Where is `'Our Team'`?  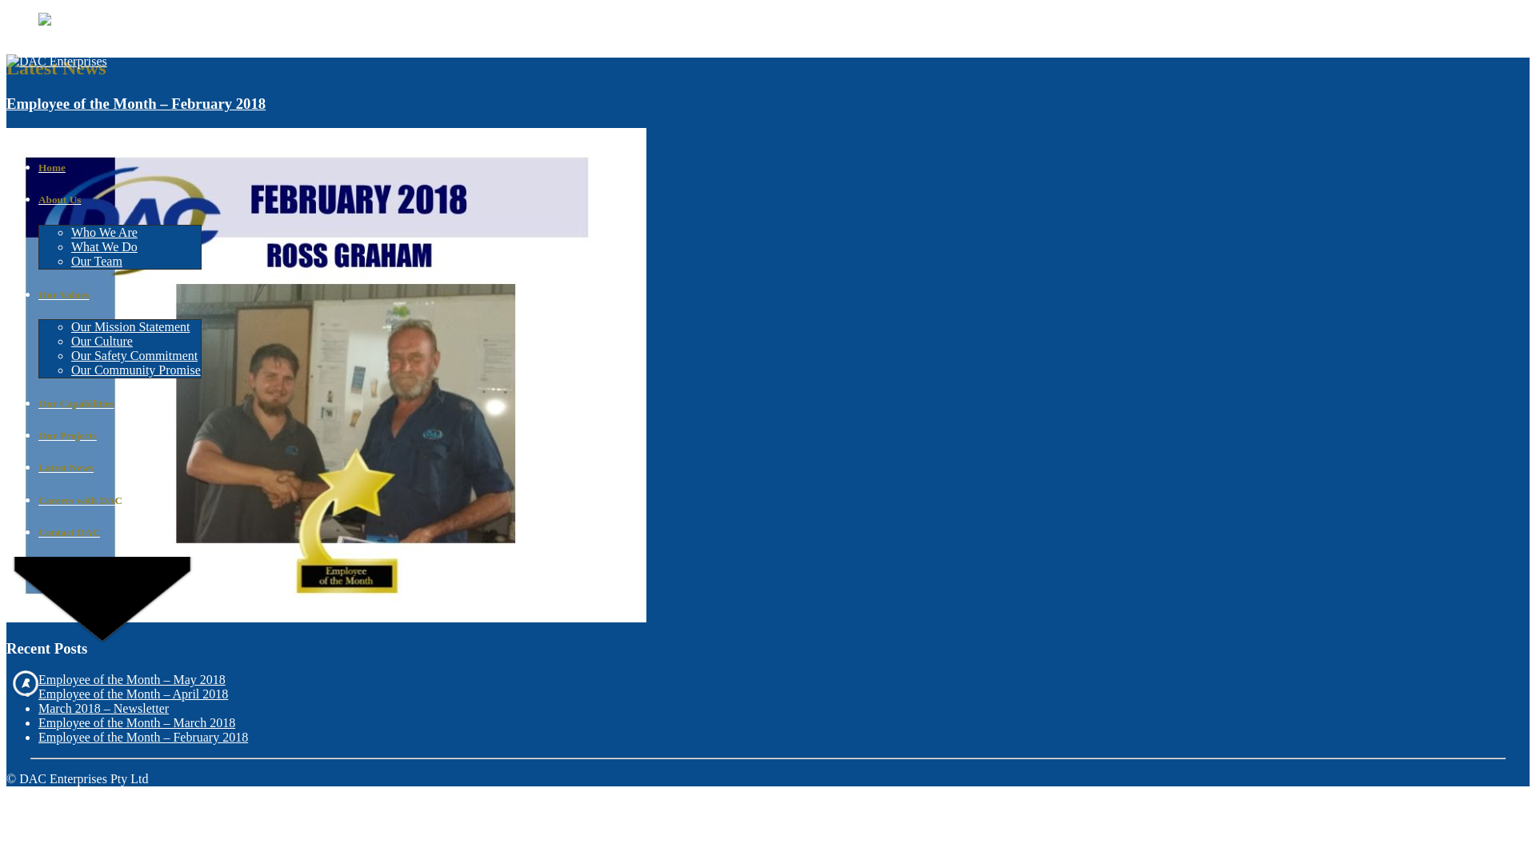
'Our Team' is located at coordinates (95, 260).